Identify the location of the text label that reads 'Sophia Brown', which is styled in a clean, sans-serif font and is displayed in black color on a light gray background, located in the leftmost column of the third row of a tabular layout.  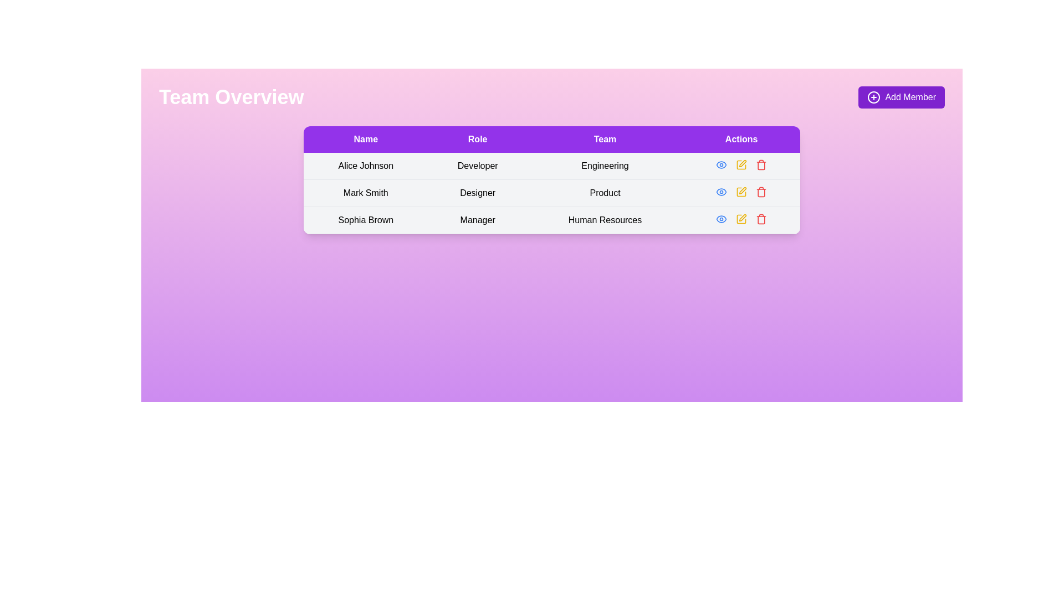
(366, 220).